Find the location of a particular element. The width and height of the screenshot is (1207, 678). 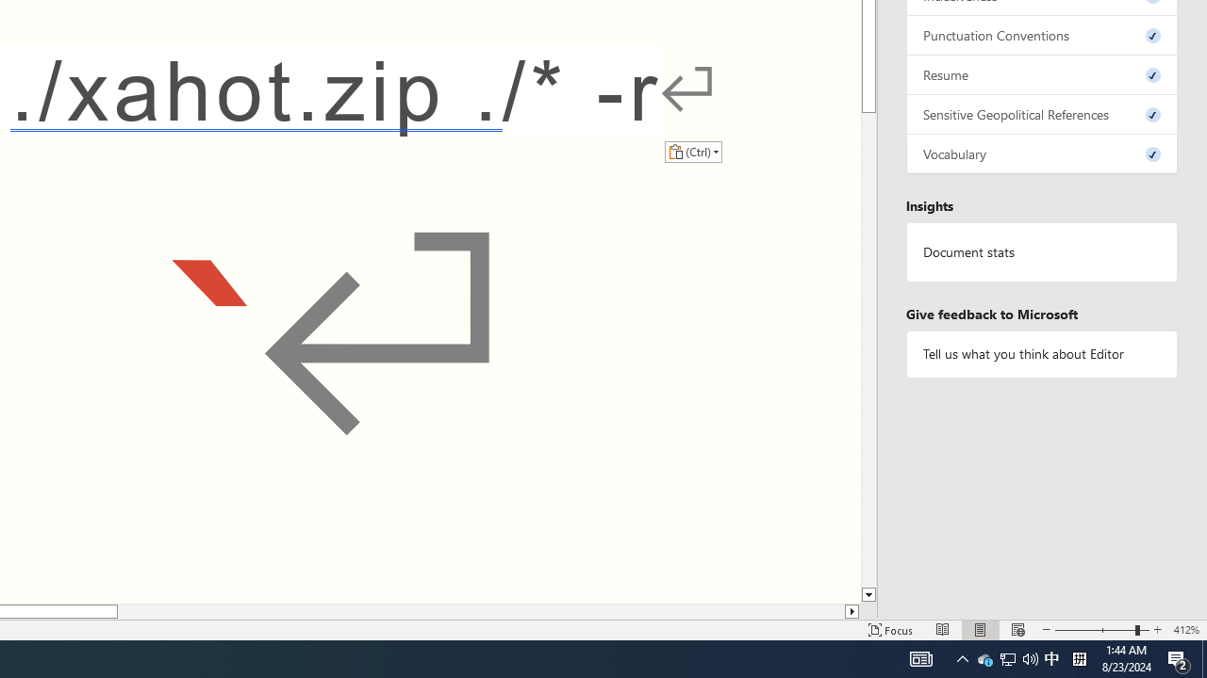

'Column right' is located at coordinates (852, 611).